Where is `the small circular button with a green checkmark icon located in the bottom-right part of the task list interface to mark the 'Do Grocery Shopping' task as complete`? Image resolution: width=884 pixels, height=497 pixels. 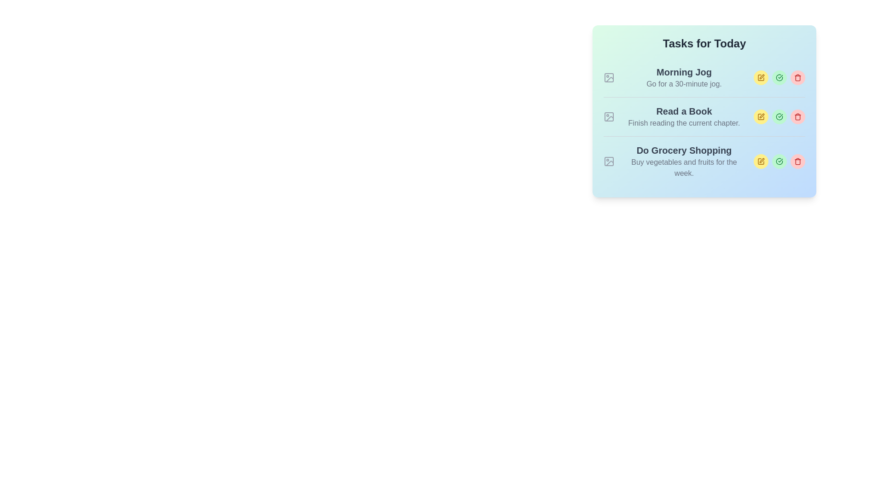
the small circular button with a green checkmark icon located in the bottom-right part of the task list interface to mark the 'Do Grocery Shopping' task as complete is located at coordinates (779, 161).